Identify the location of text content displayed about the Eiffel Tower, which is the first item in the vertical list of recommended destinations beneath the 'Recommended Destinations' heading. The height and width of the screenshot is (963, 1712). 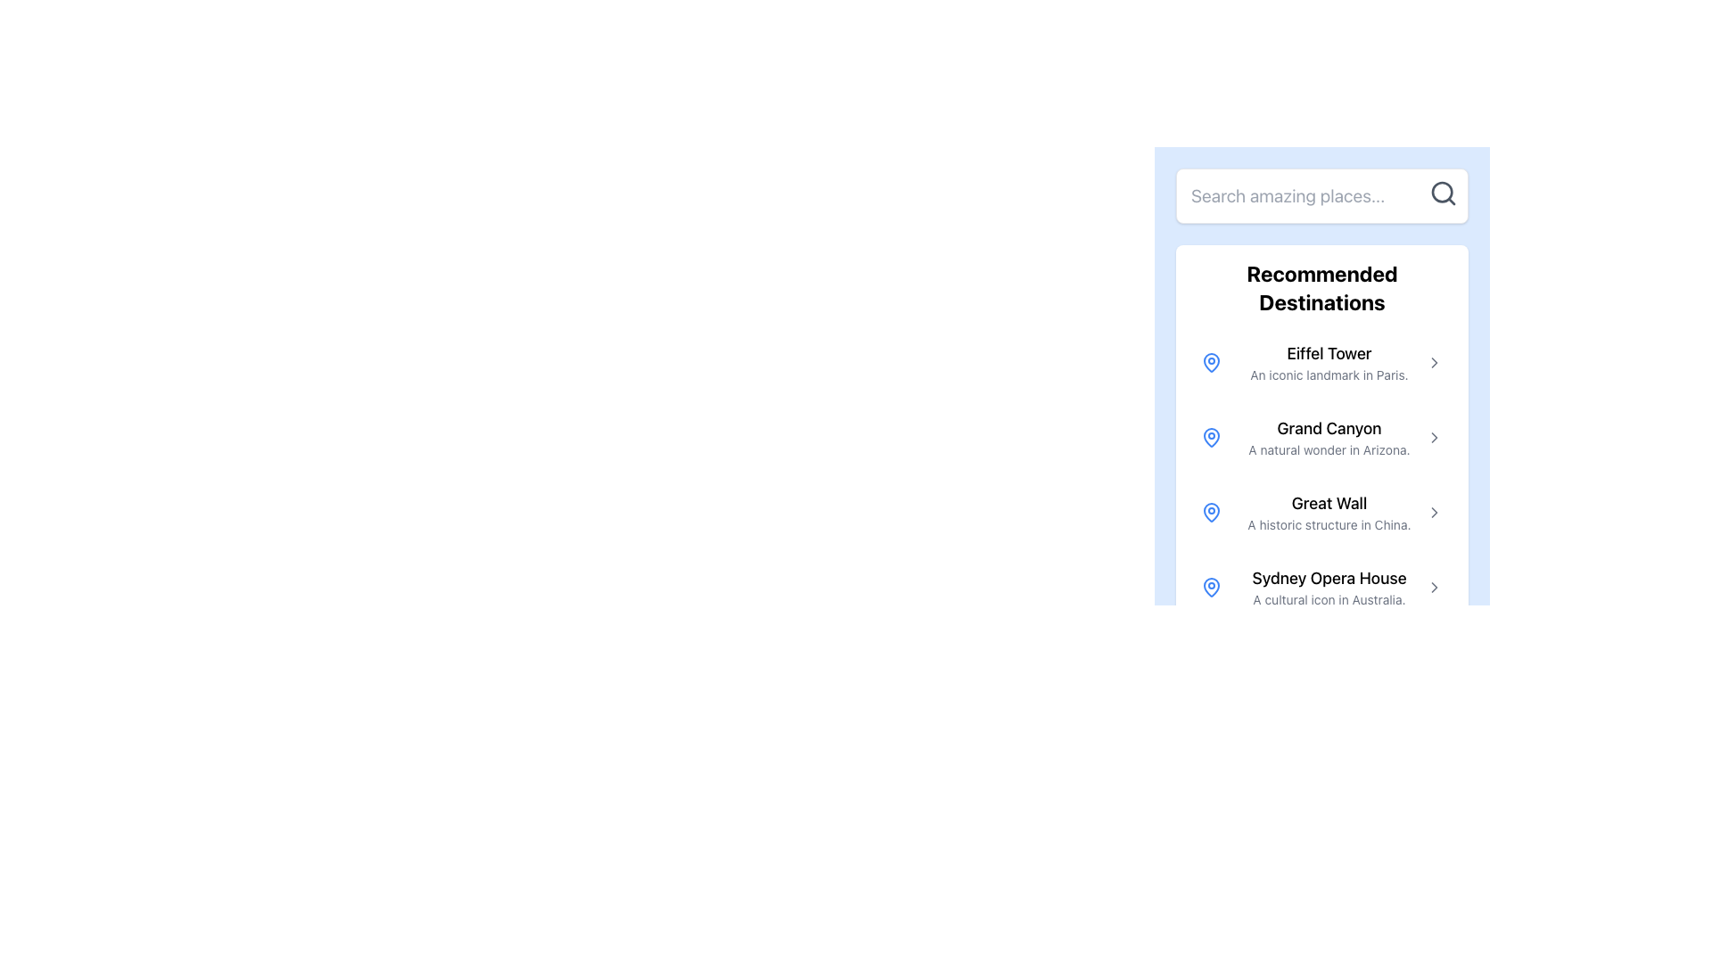
(1329, 362).